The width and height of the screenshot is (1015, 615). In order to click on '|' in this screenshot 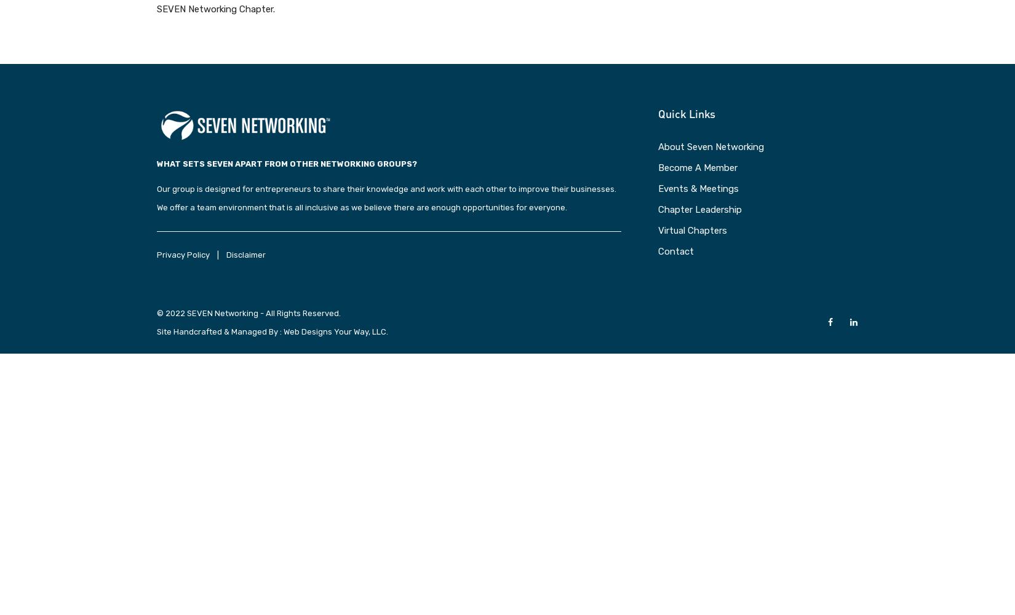, I will do `click(218, 255)`.